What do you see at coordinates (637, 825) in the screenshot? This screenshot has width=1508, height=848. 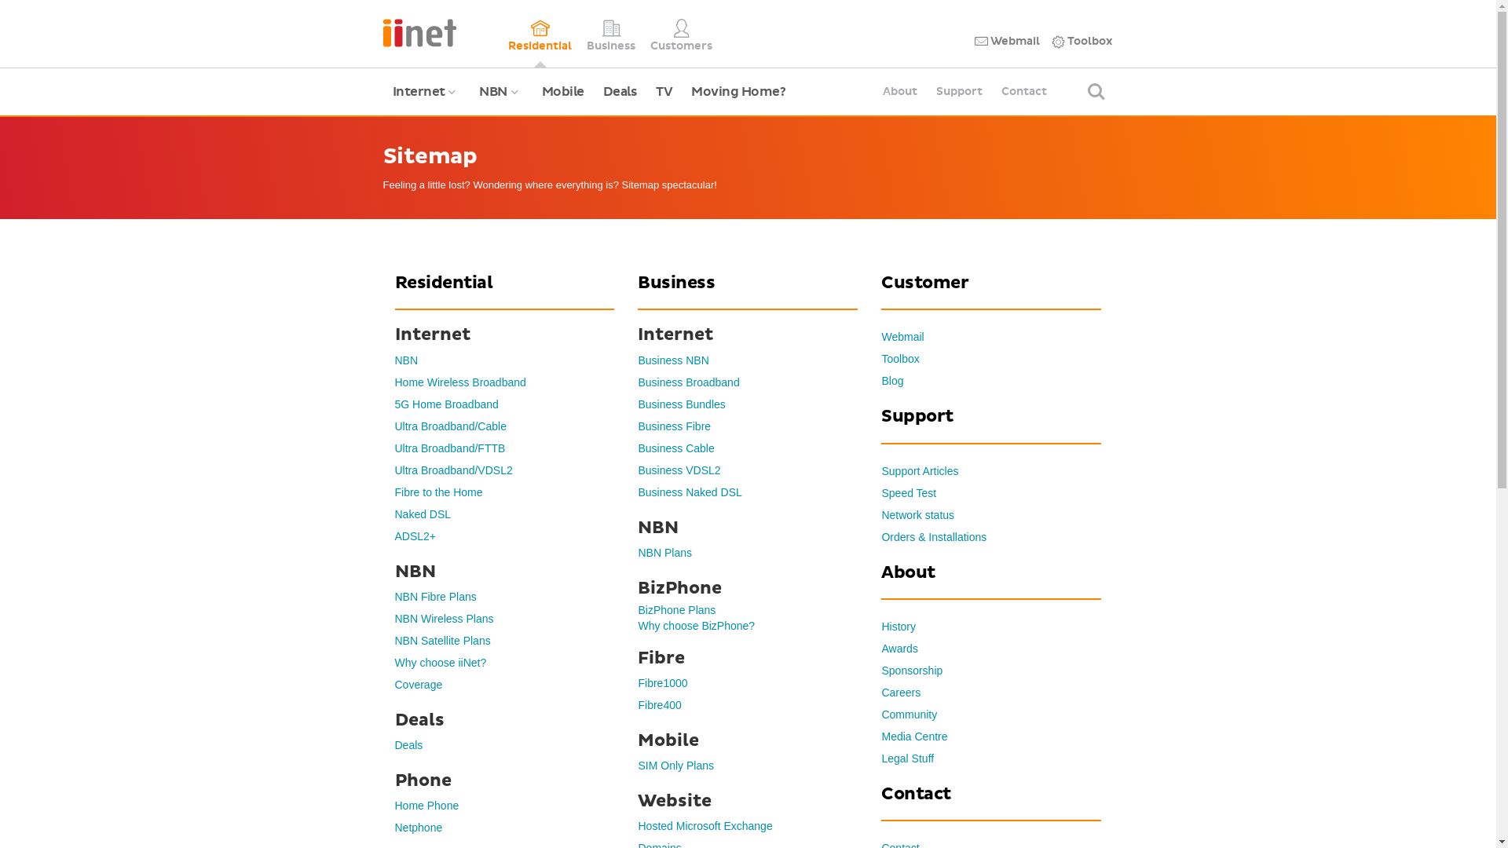 I see `'Hosted Microsoft Exchange'` at bounding box center [637, 825].